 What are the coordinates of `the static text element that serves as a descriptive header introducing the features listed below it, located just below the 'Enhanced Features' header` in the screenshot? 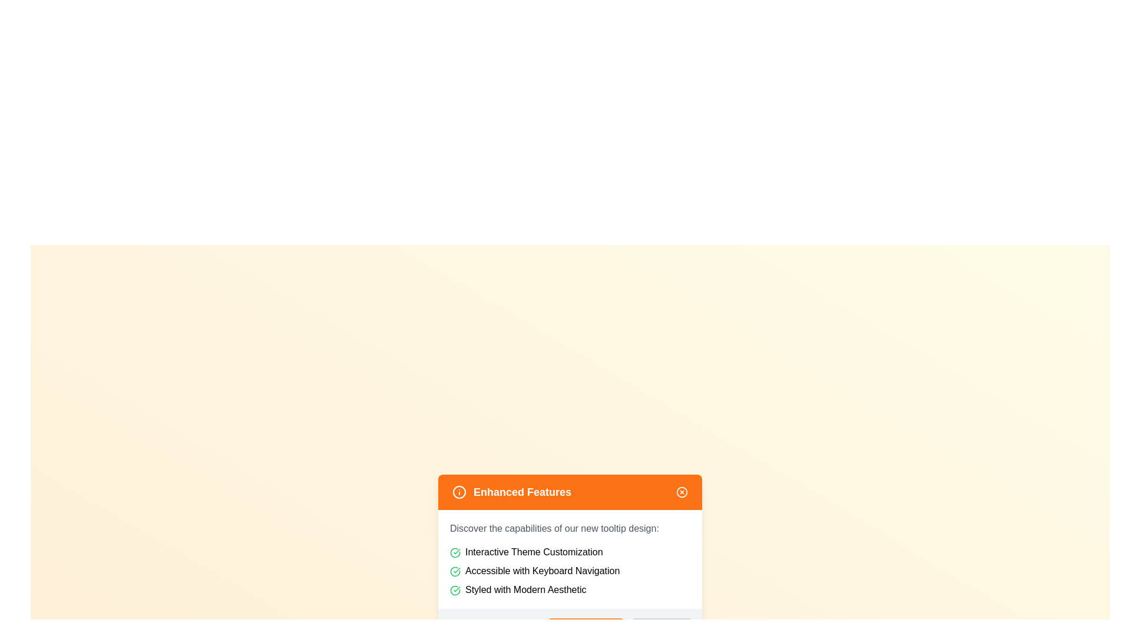 It's located at (570, 528).